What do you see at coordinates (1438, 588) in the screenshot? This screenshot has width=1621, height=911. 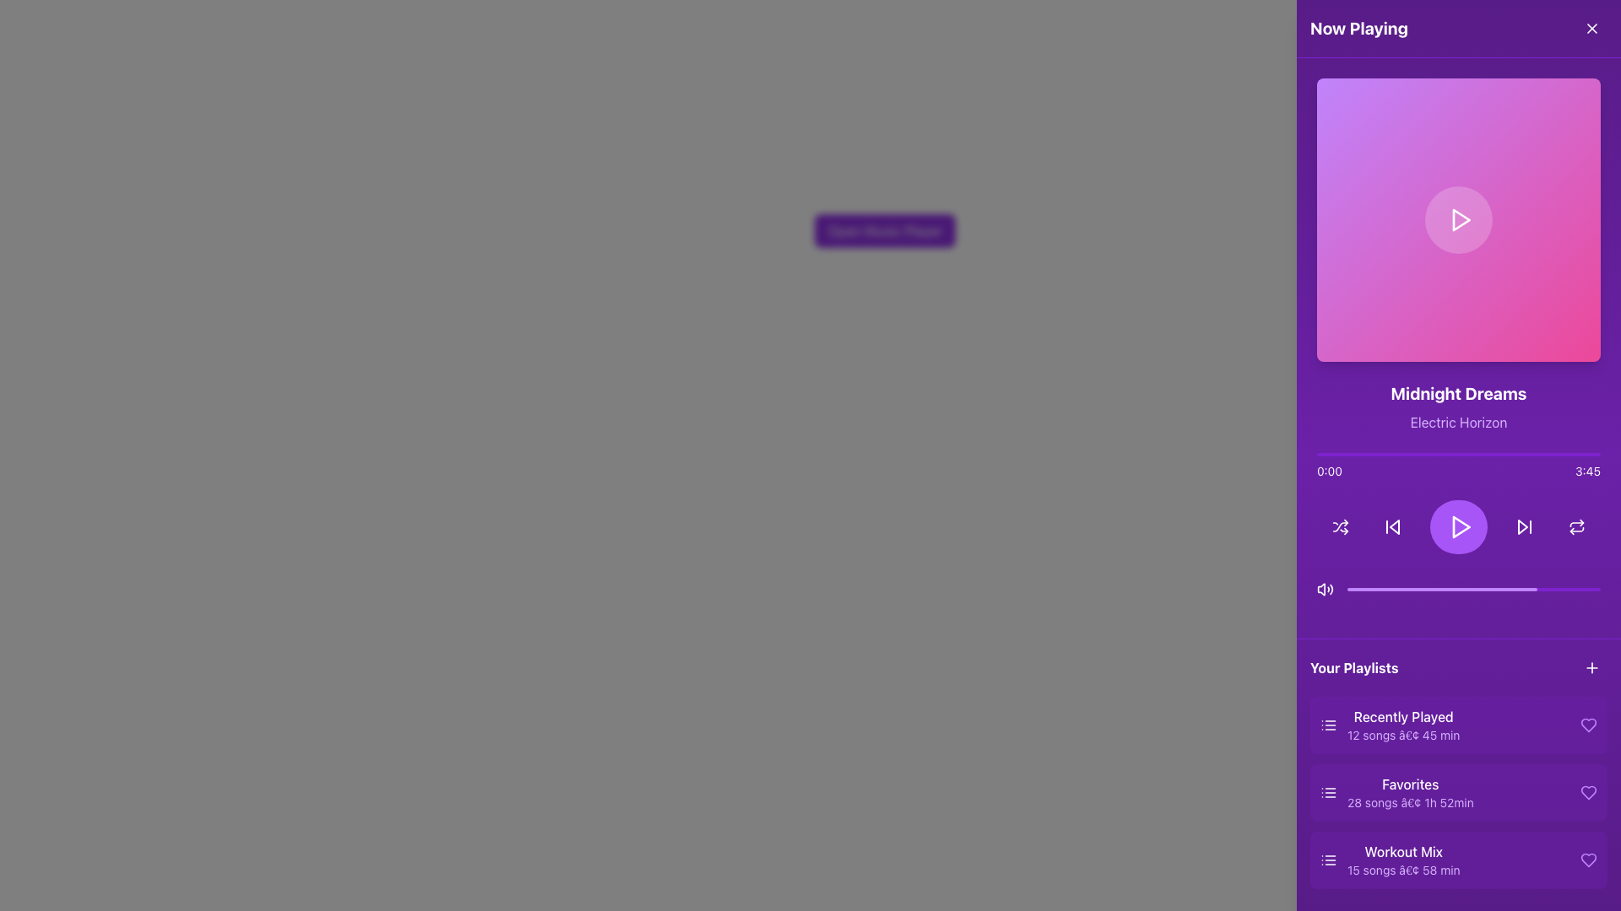 I see `the playback progress` at bounding box center [1438, 588].